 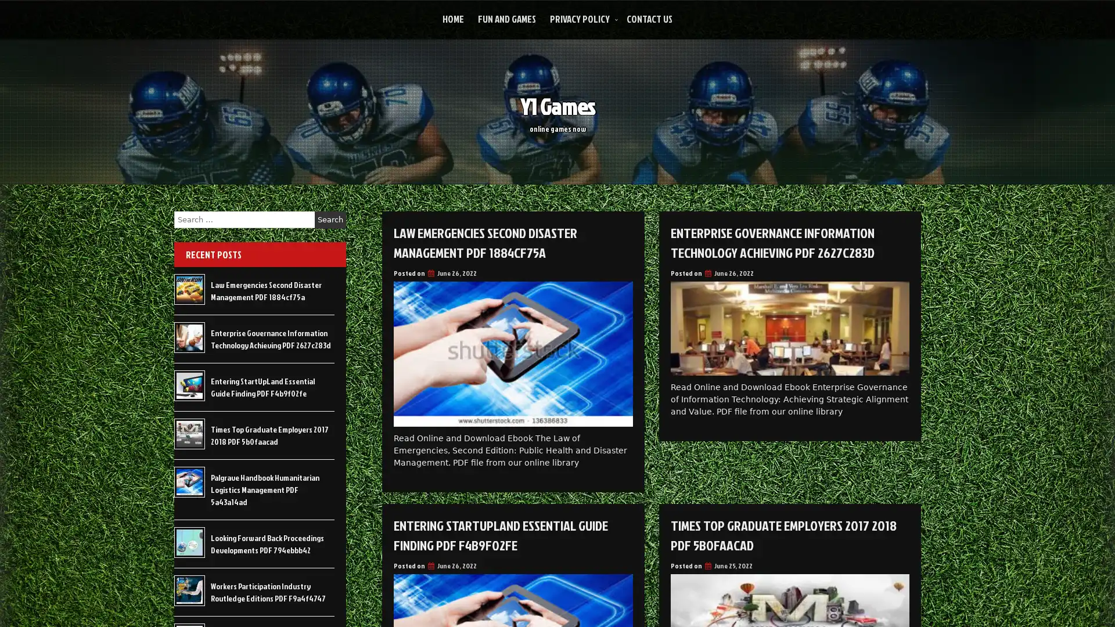 What do you see at coordinates (330, 219) in the screenshot?
I see `Search` at bounding box center [330, 219].